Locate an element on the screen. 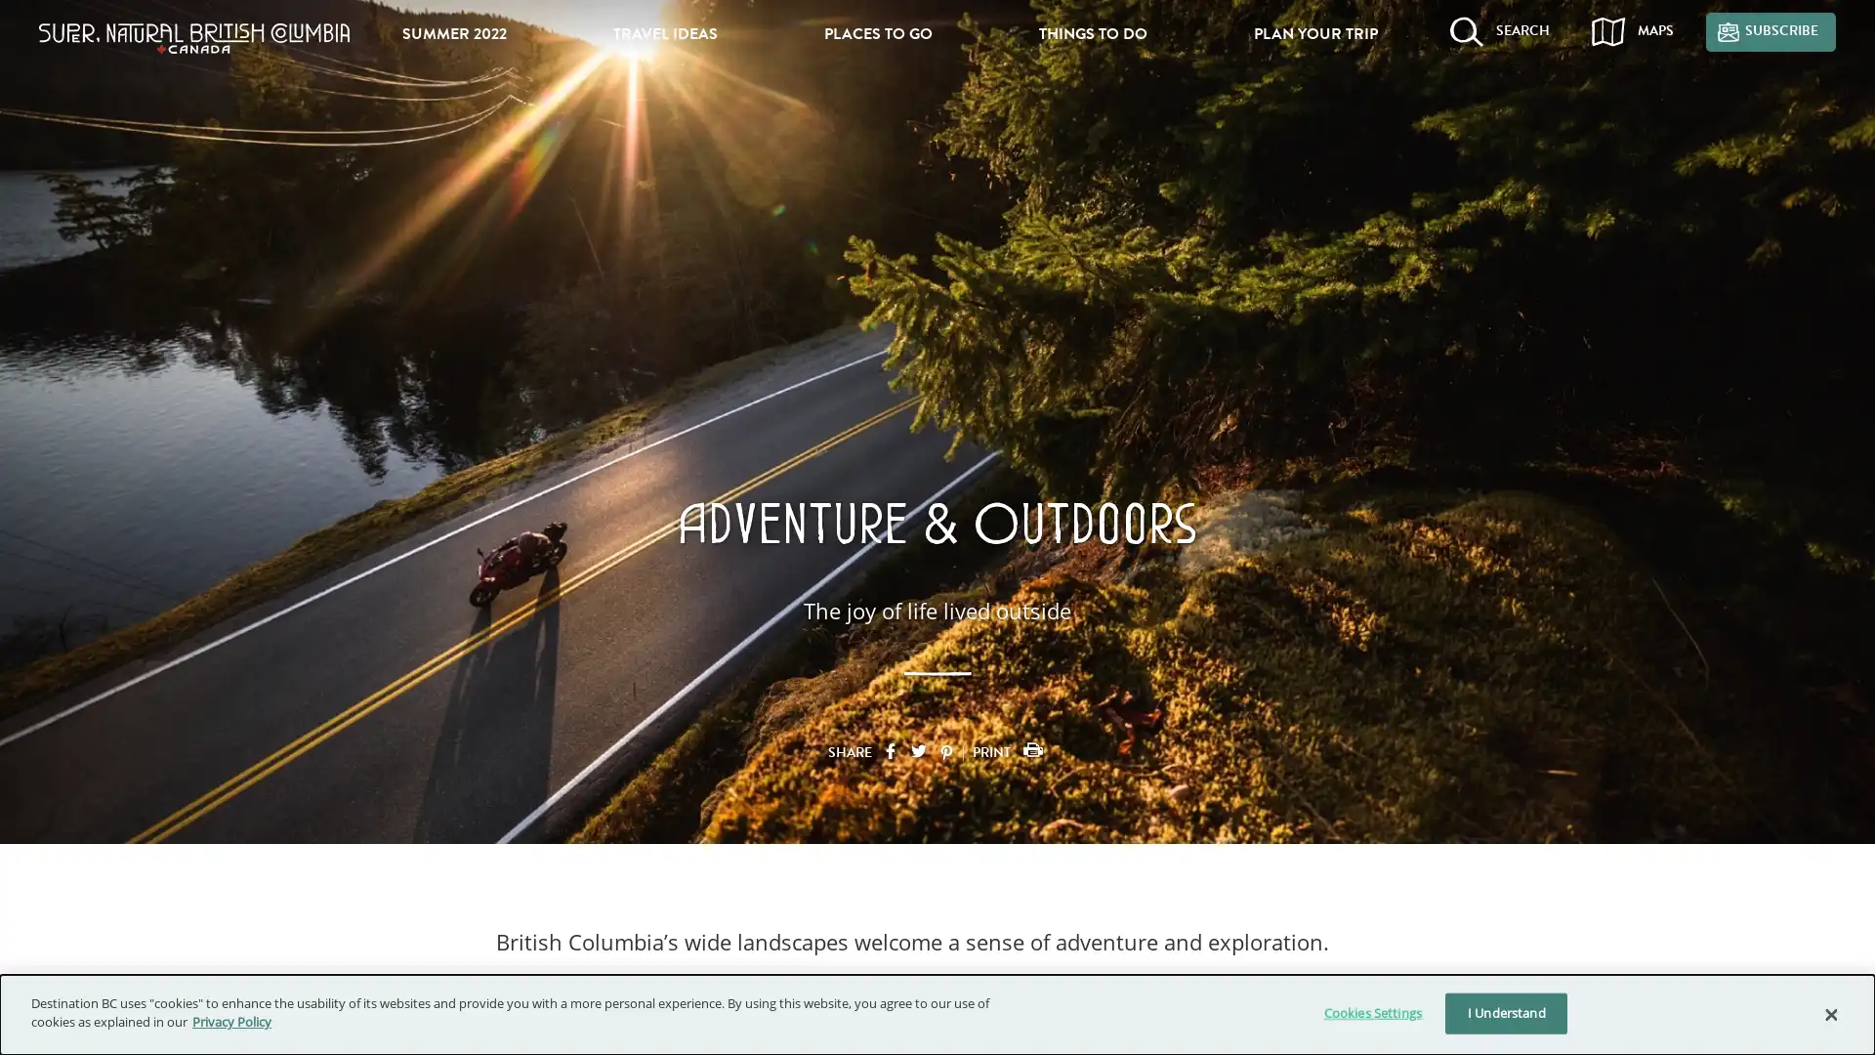 The height and width of the screenshot is (1055, 1875). Close is located at coordinates (1829, 1012).